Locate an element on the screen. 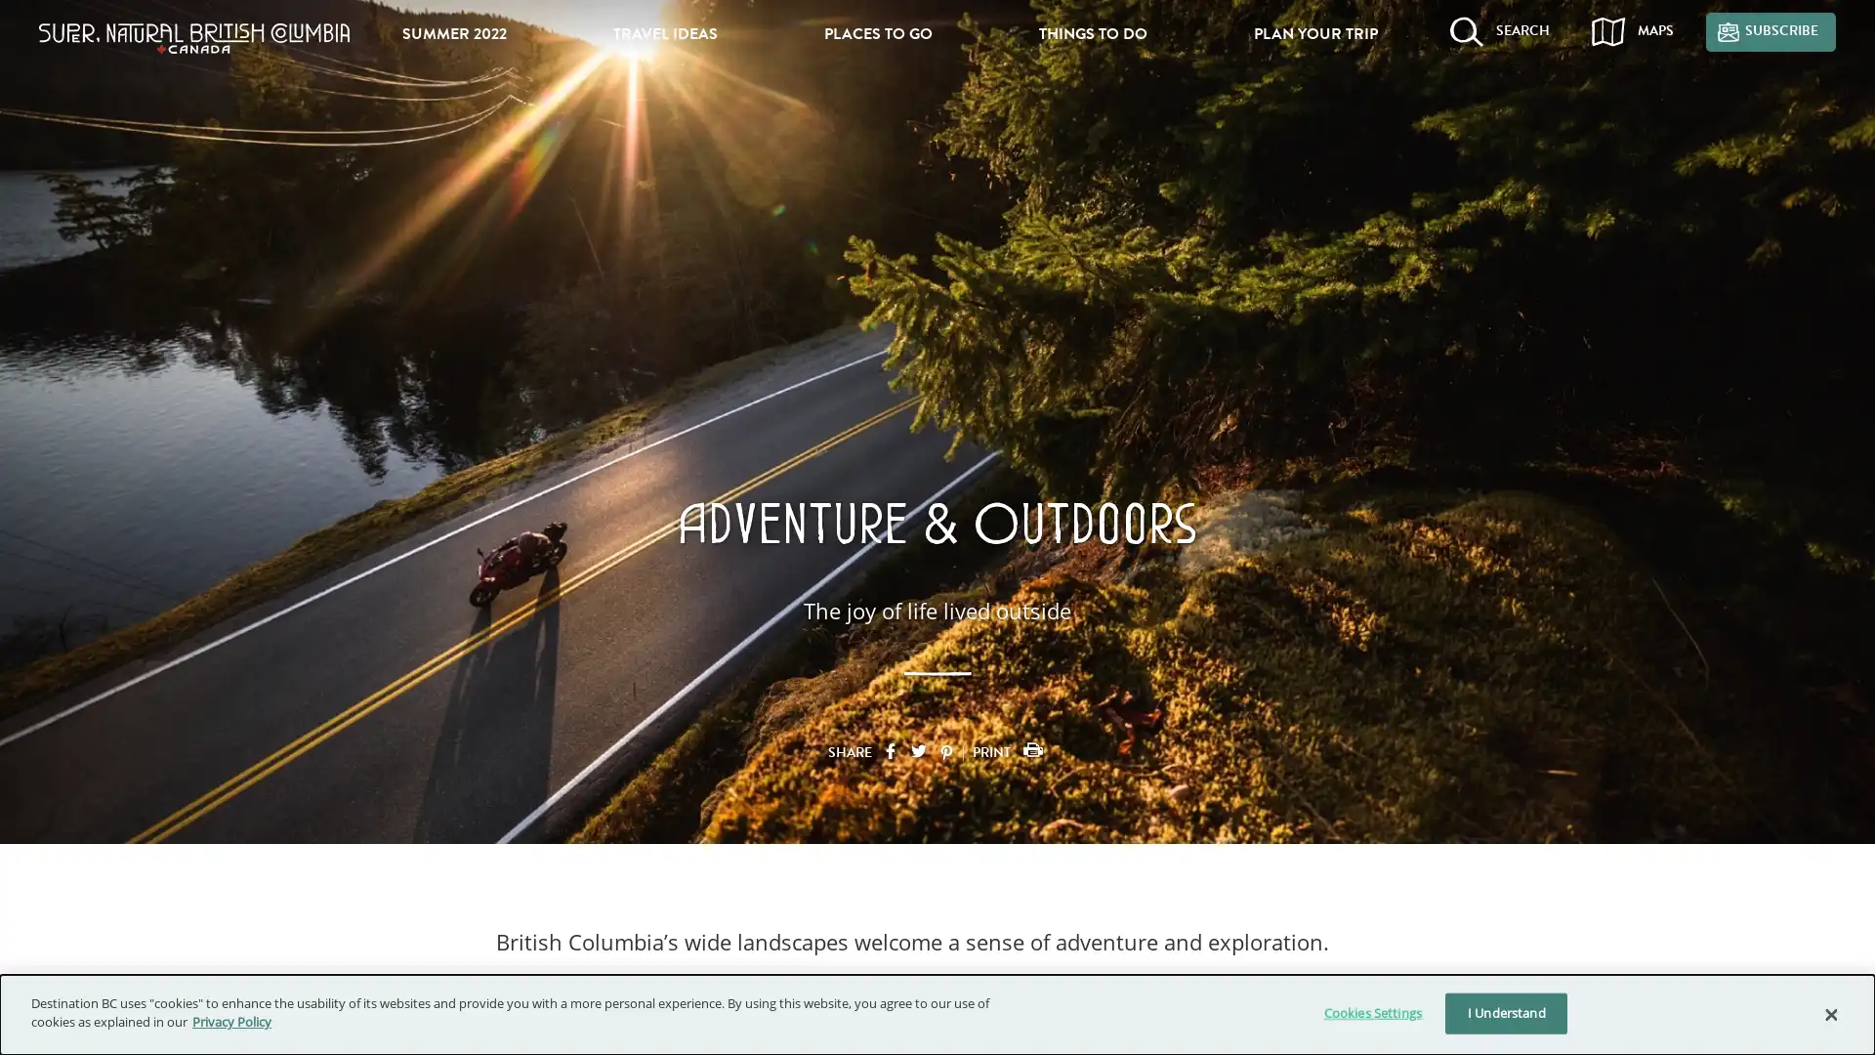 The height and width of the screenshot is (1055, 1875). Close is located at coordinates (1829, 1012).